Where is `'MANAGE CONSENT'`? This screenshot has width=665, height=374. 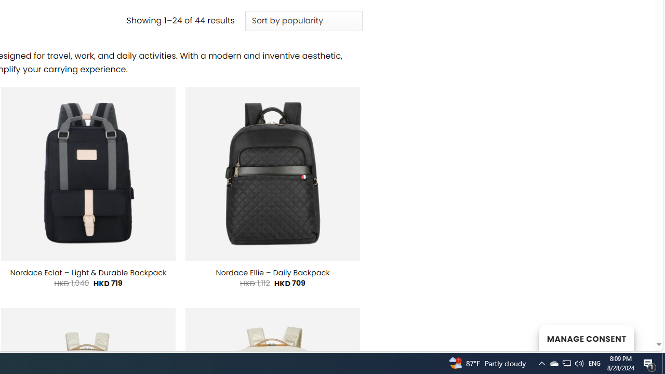 'MANAGE CONSENT' is located at coordinates (586, 338).